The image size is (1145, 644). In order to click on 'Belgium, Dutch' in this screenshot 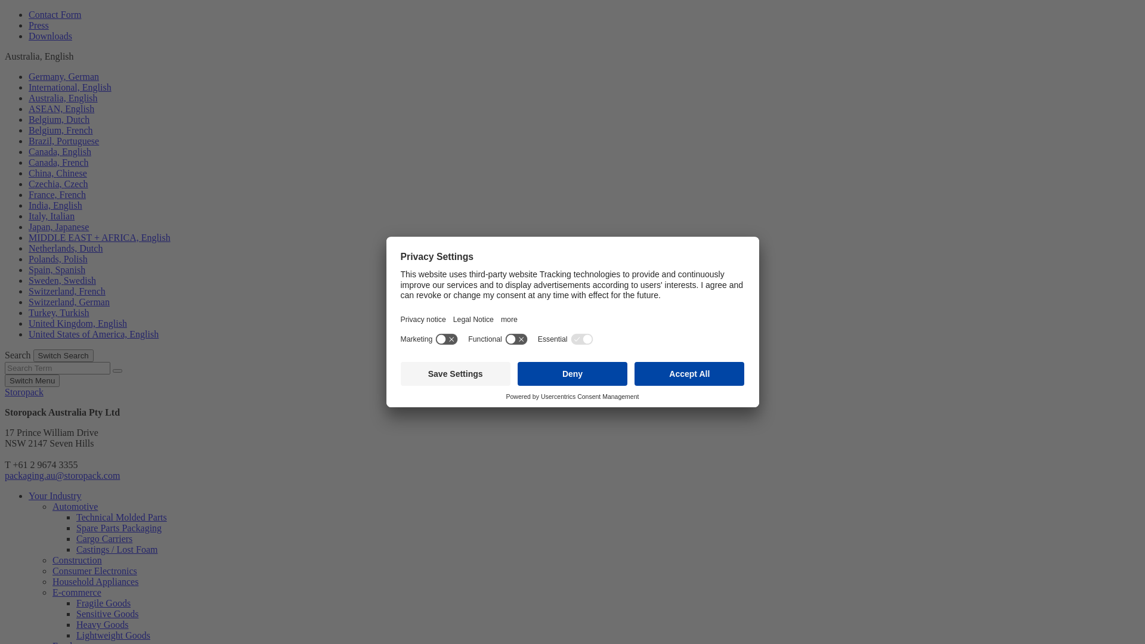, I will do `click(58, 119)`.